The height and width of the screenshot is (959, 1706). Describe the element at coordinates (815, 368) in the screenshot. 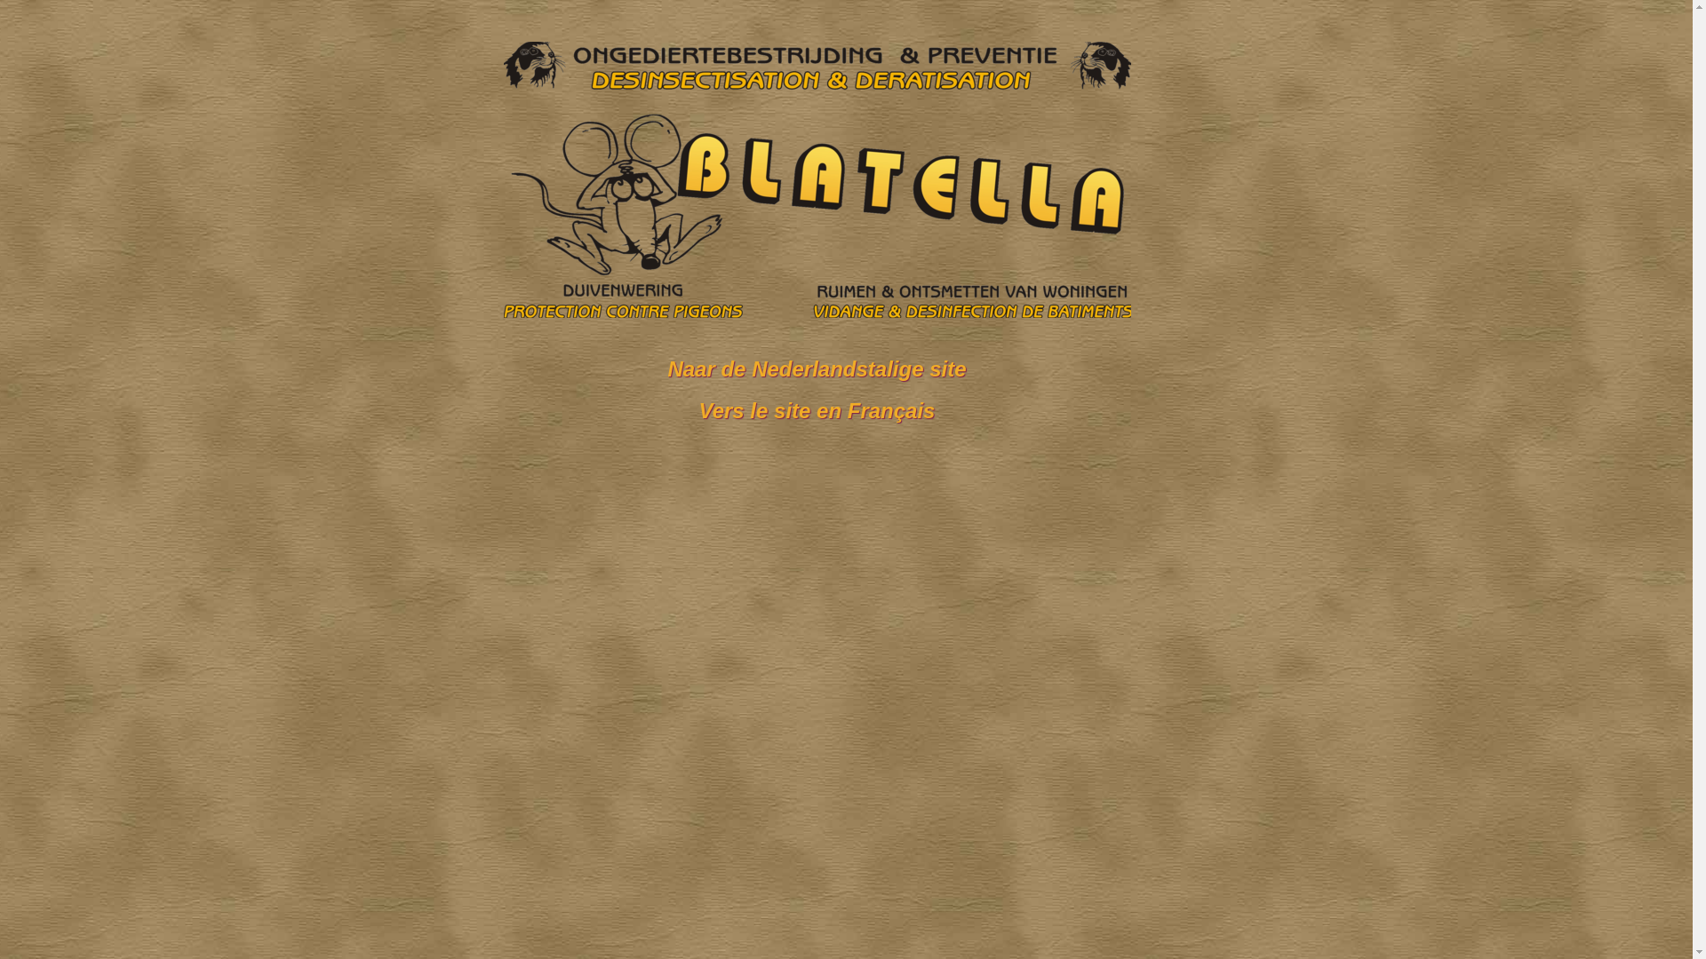

I see `'Naar de Nederlandstalige site'` at that location.